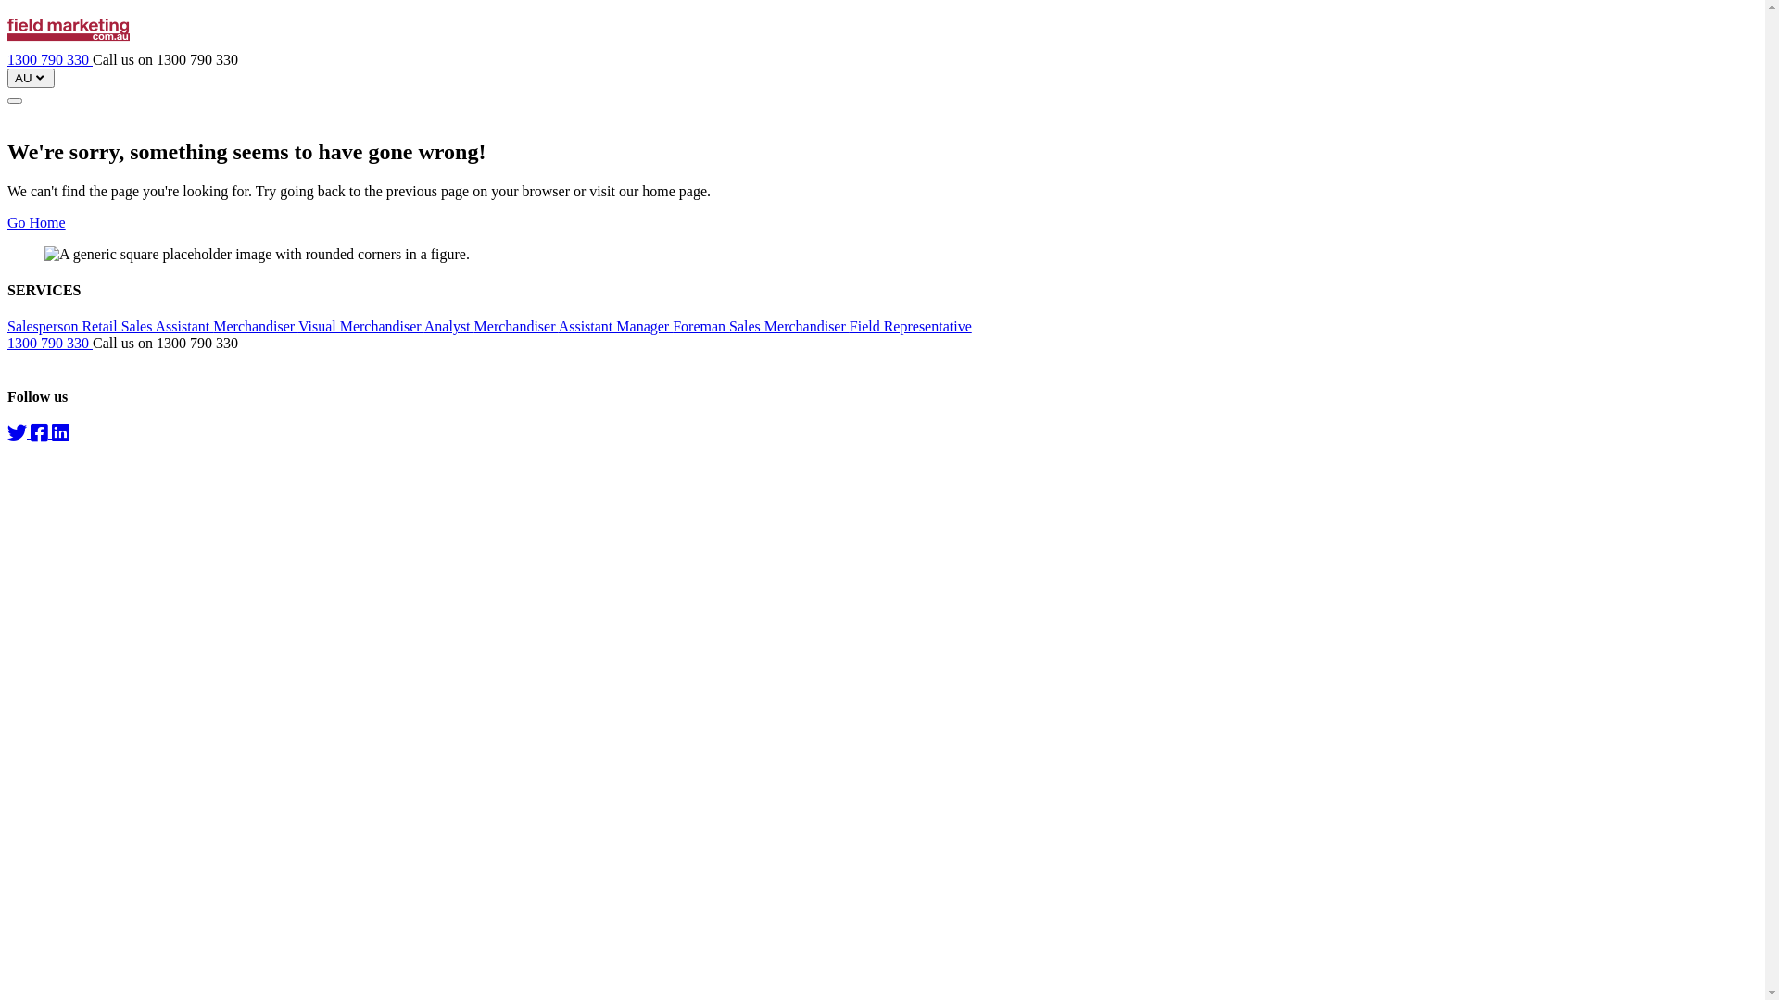 This screenshot has width=1779, height=1000. What do you see at coordinates (44, 325) in the screenshot?
I see `'Salesperson'` at bounding box center [44, 325].